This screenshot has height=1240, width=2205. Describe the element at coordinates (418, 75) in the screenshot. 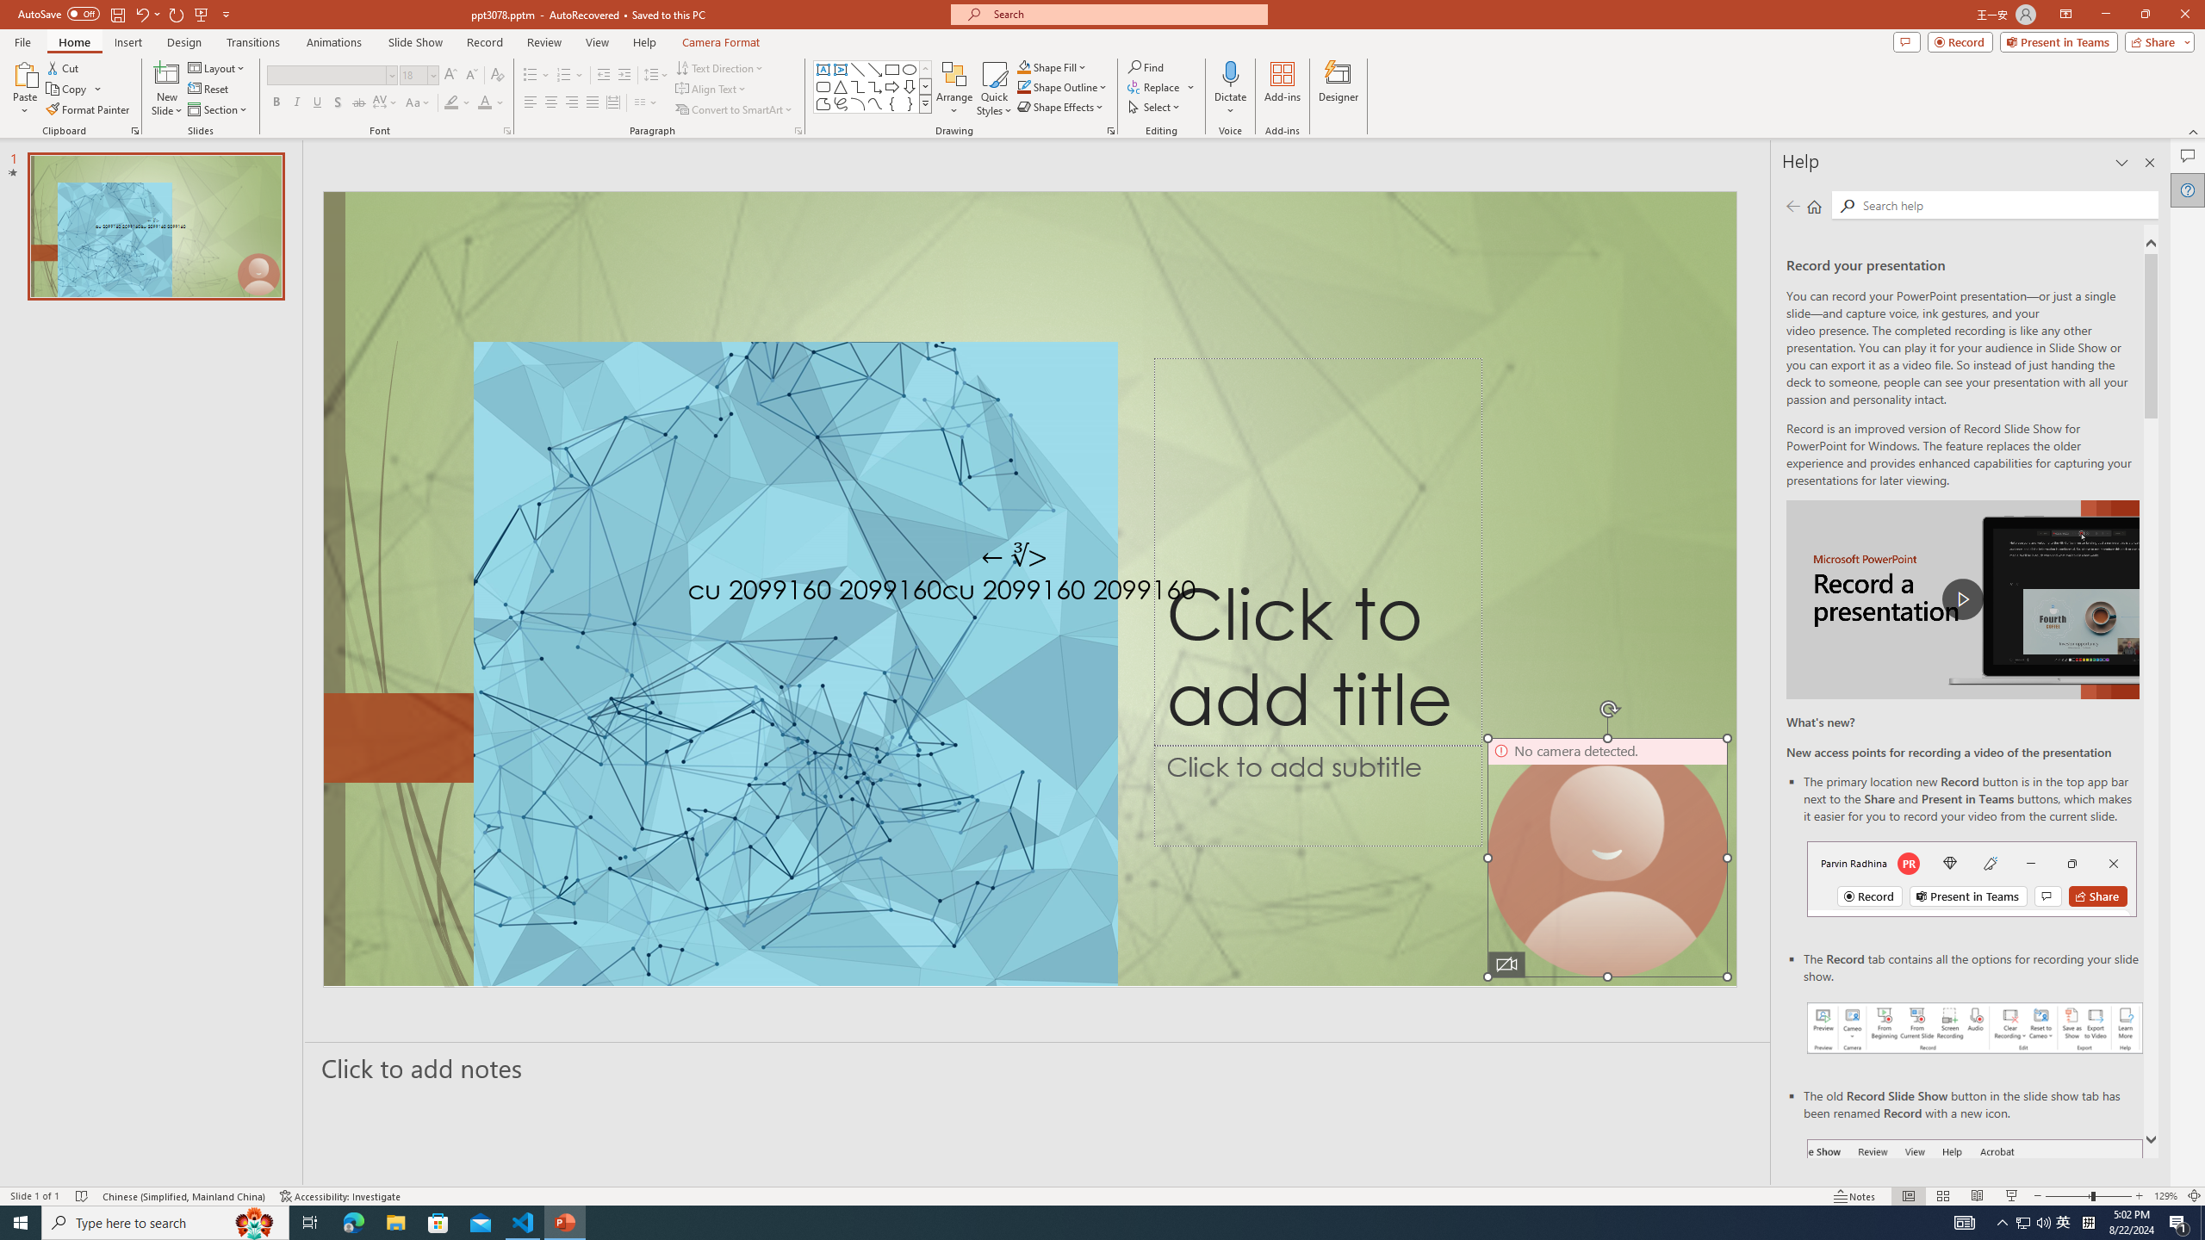

I see `'Font Size'` at that location.